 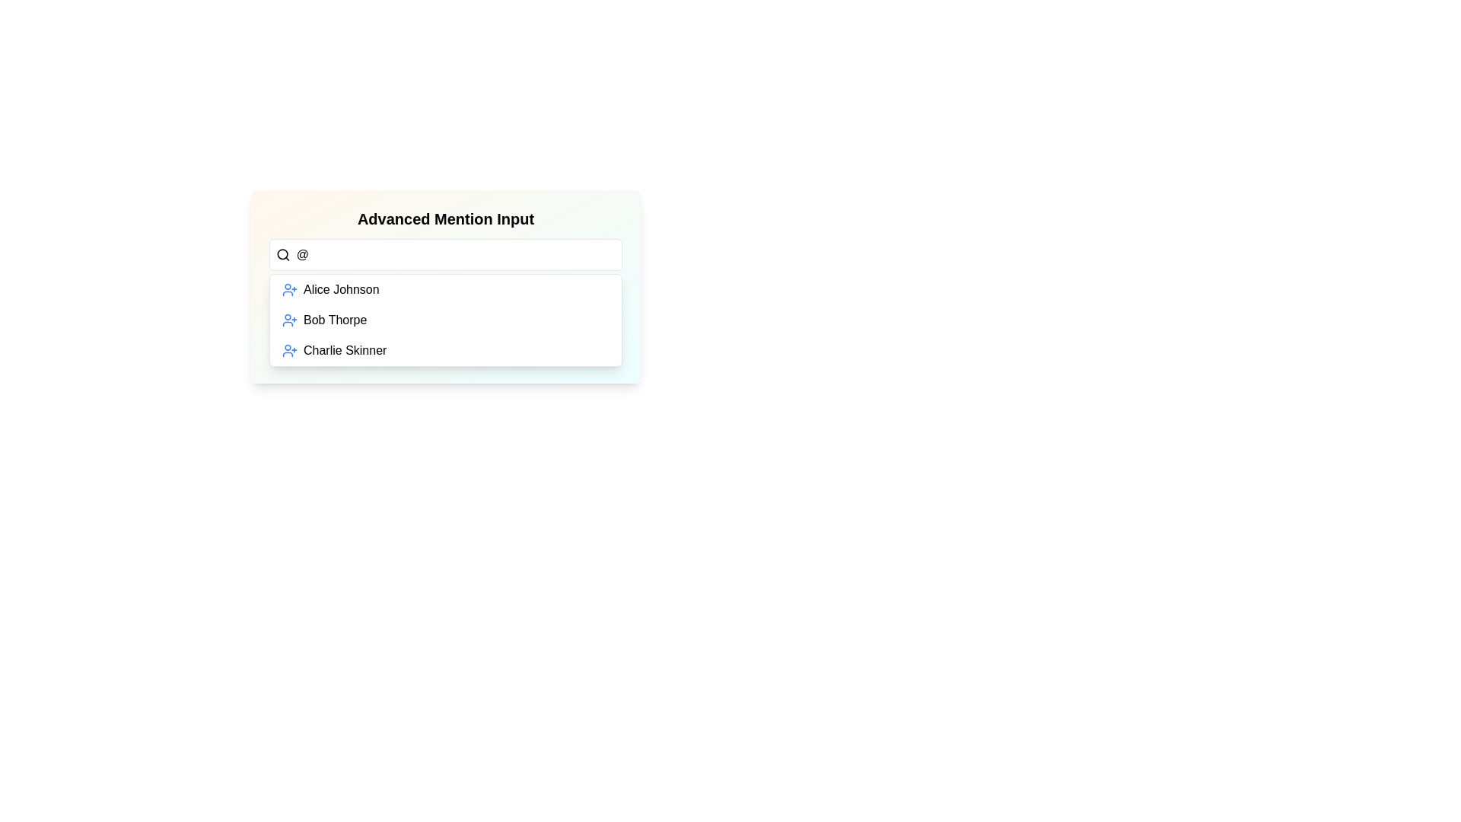 I want to click on the magnifying glass icon located at the far left of the input field with the placeholder 'Type @ to mention...' to initiate a search, so click(x=283, y=254).